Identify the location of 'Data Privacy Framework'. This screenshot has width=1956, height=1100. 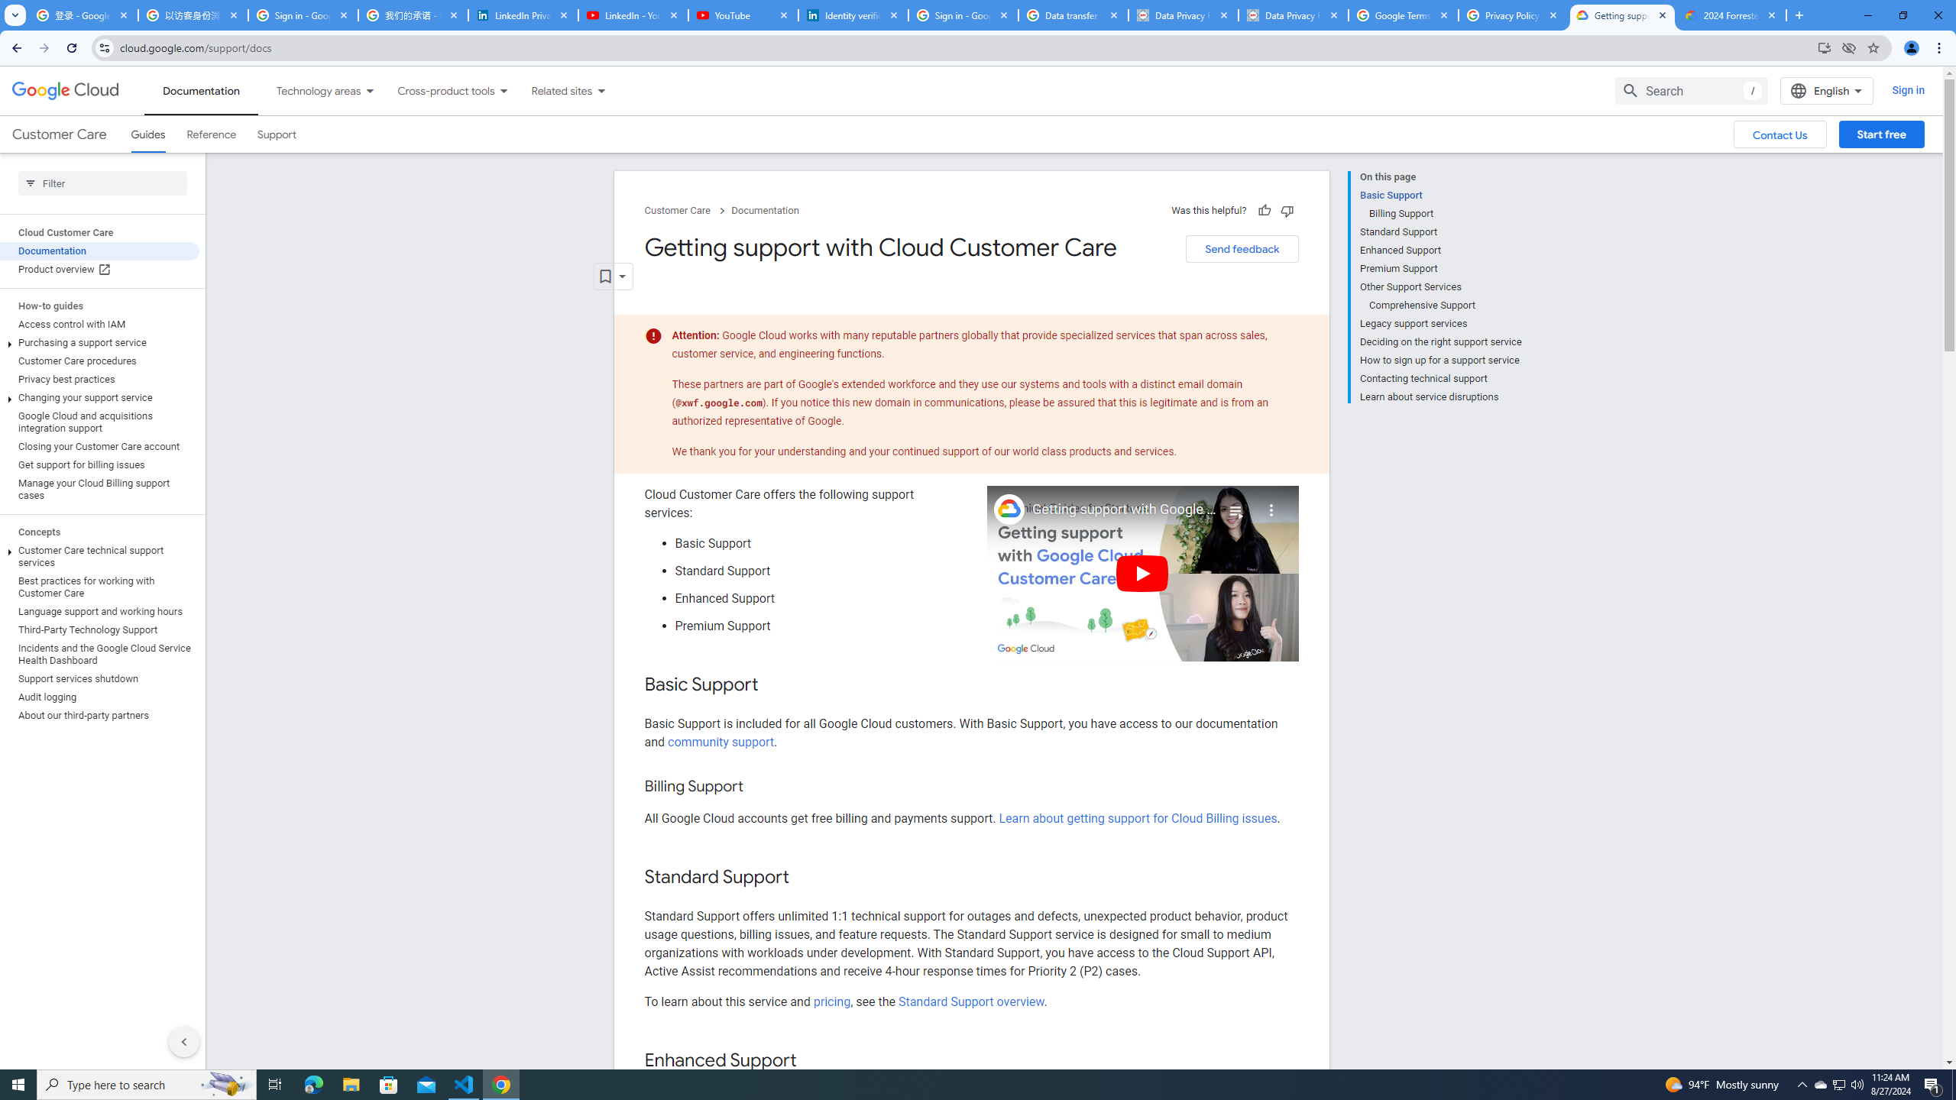
(1293, 15).